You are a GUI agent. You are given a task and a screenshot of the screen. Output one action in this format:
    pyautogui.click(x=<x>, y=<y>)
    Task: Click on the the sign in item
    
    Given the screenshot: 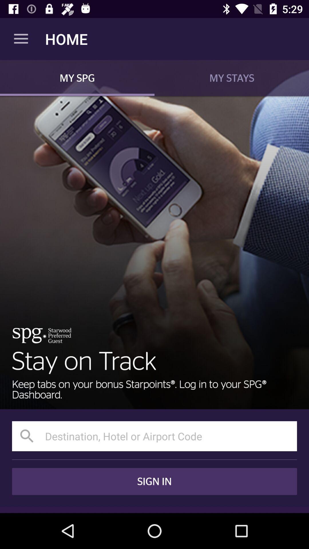 What is the action you would take?
    pyautogui.click(x=154, y=481)
    